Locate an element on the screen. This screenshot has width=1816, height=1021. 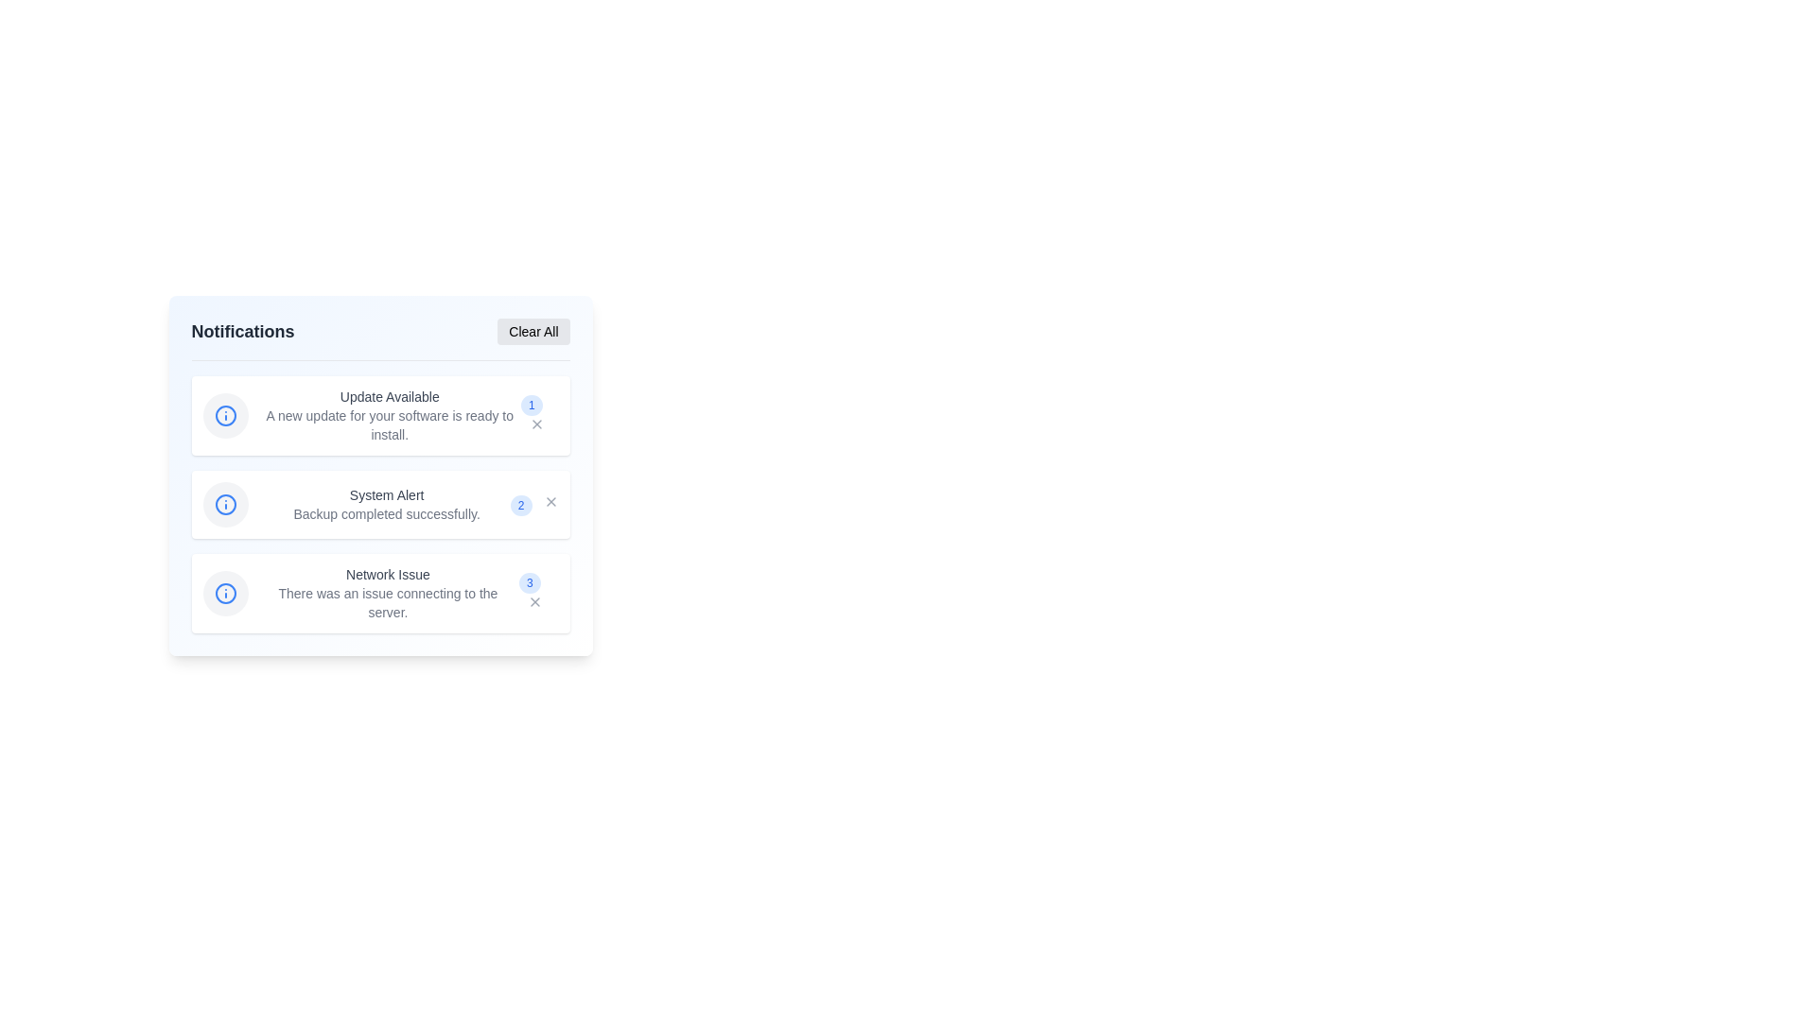
the innermost circular shape of the graphical icon located to the left of the text content within the notification item is located at coordinates (225, 593).